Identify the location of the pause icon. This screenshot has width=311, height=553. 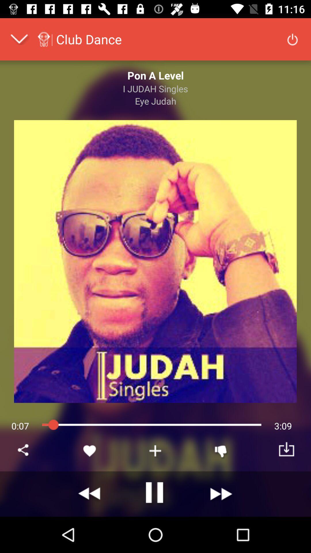
(155, 494).